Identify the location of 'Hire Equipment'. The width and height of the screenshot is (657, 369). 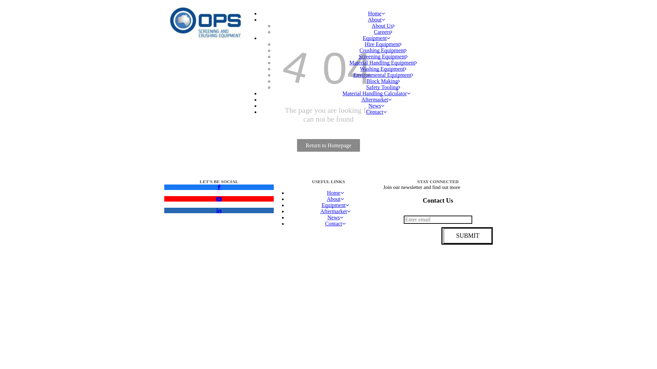
(383, 44).